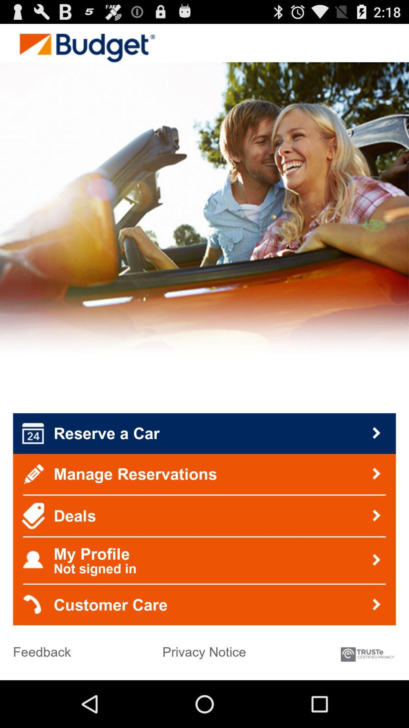 Image resolution: width=409 pixels, height=728 pixels. Describe the element at coordinates (367, 650) in the screenshot. I see `icon next to the privacy notice icon` at that location.